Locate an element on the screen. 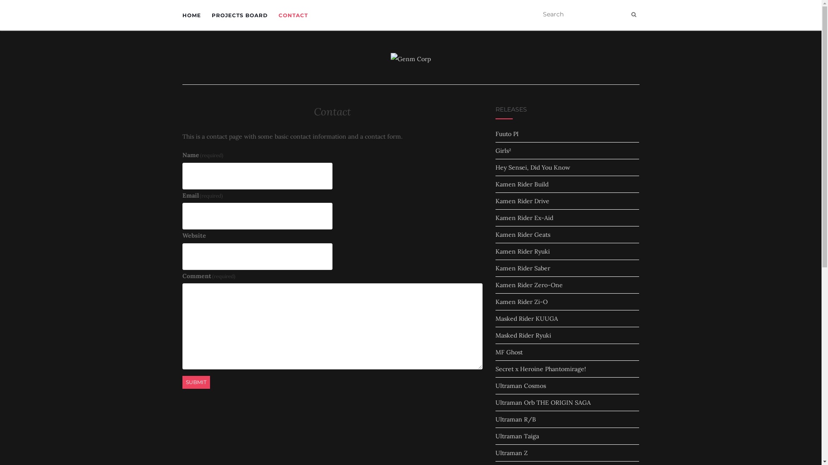 This screenshot has width=828, height=465. 'Kamen Rider Saber' is located at coordinates (522, 268).